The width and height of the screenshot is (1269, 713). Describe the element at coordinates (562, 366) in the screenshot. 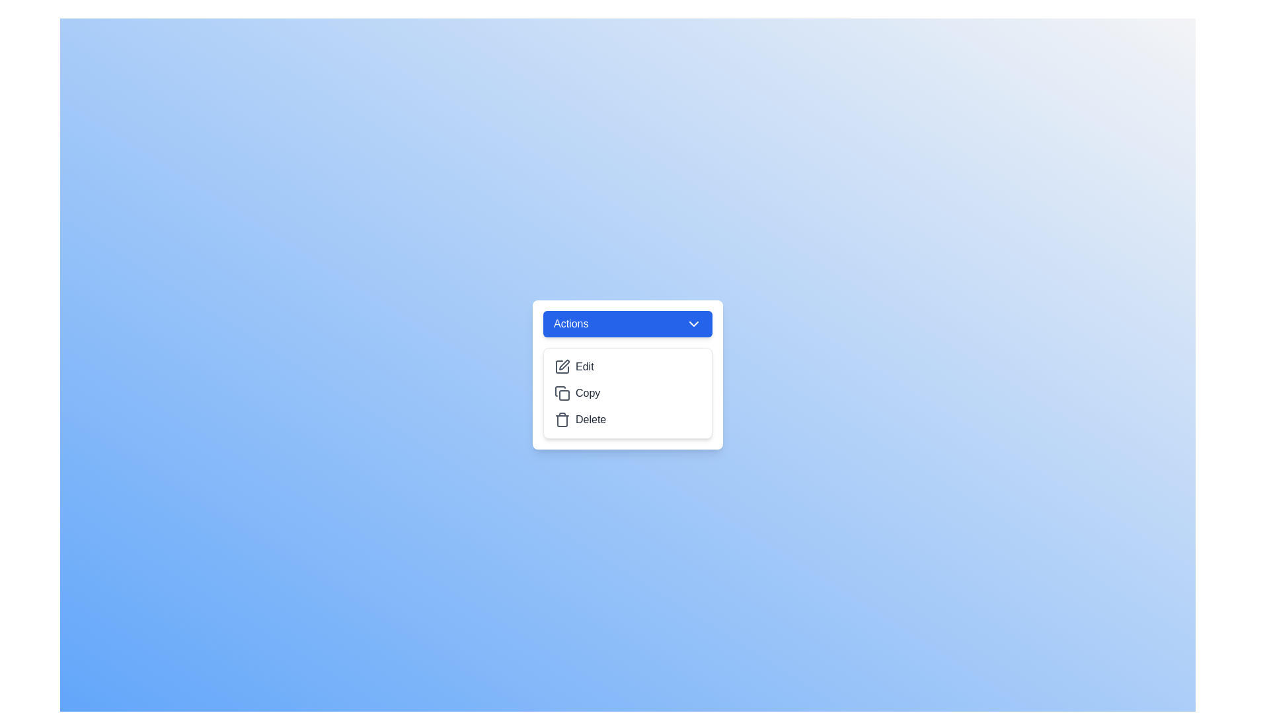

I see `the pencil icon with a gray outline located to the left of the 'Edit' option in the dropdown menu under the 'Actions' button` at that location.